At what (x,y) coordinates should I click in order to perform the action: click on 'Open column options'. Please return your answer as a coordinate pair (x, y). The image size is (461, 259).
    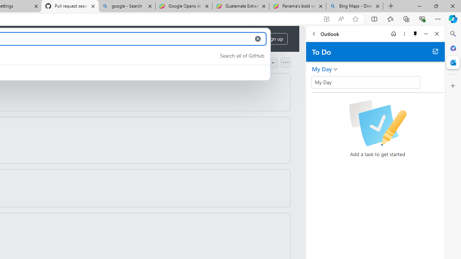
    Looking at the image, I should click on (285, 62).